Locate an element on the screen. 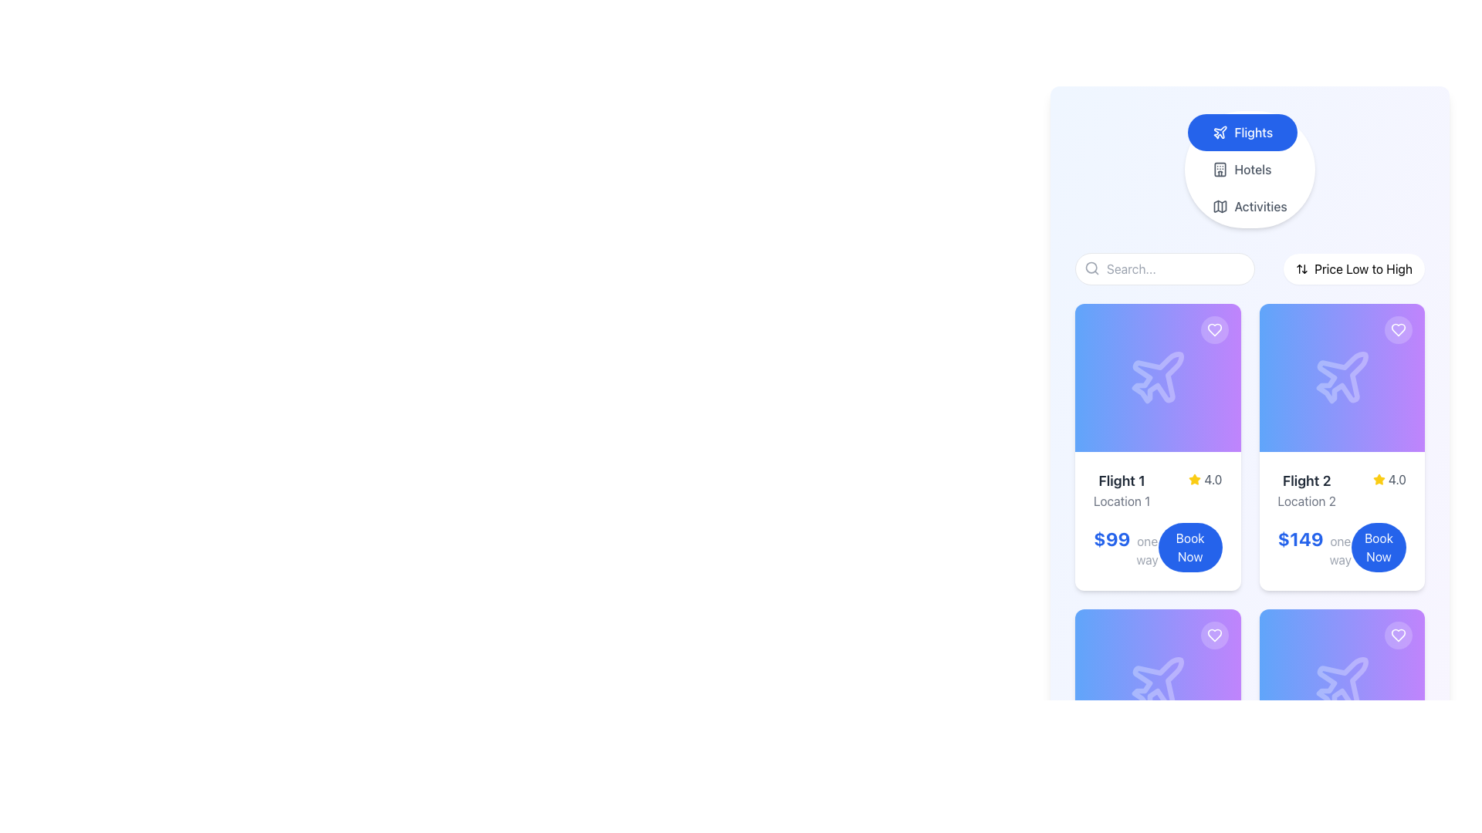 This screenshot has height=833, width=1482. the airplane icon on the blue circular button at the top-right of the interface is located at coordinates (1220, 131).